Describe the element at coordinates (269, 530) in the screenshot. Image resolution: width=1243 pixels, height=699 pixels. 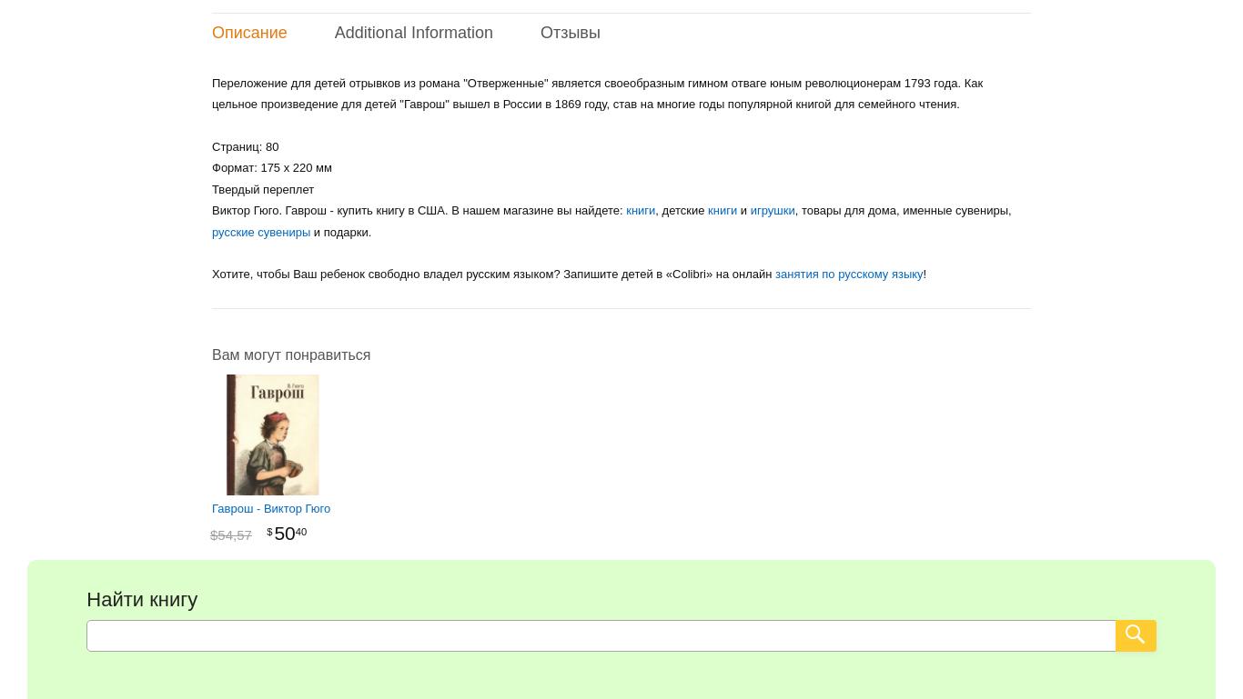
I see `'$'` at that location.